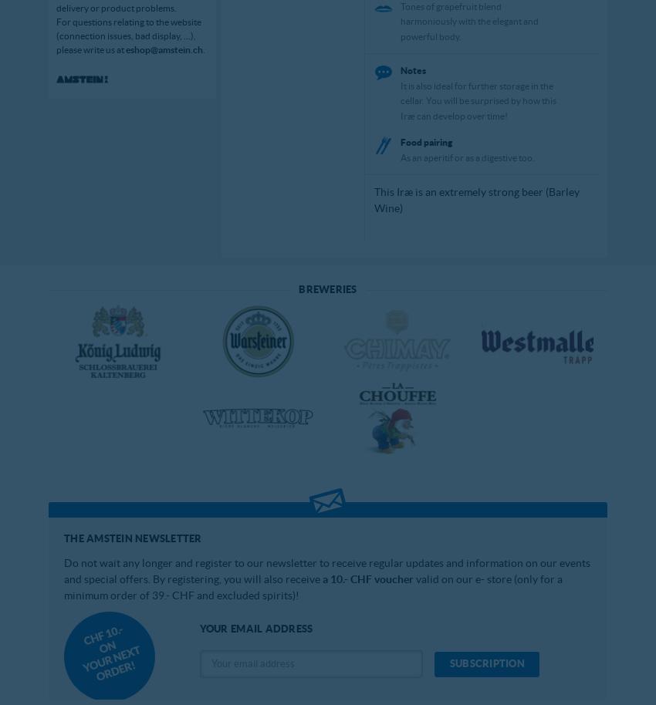  What do you see at coordinates (485, 663) in the screenshot?
I see `'Subscription'` at bounding box center [485, 663].